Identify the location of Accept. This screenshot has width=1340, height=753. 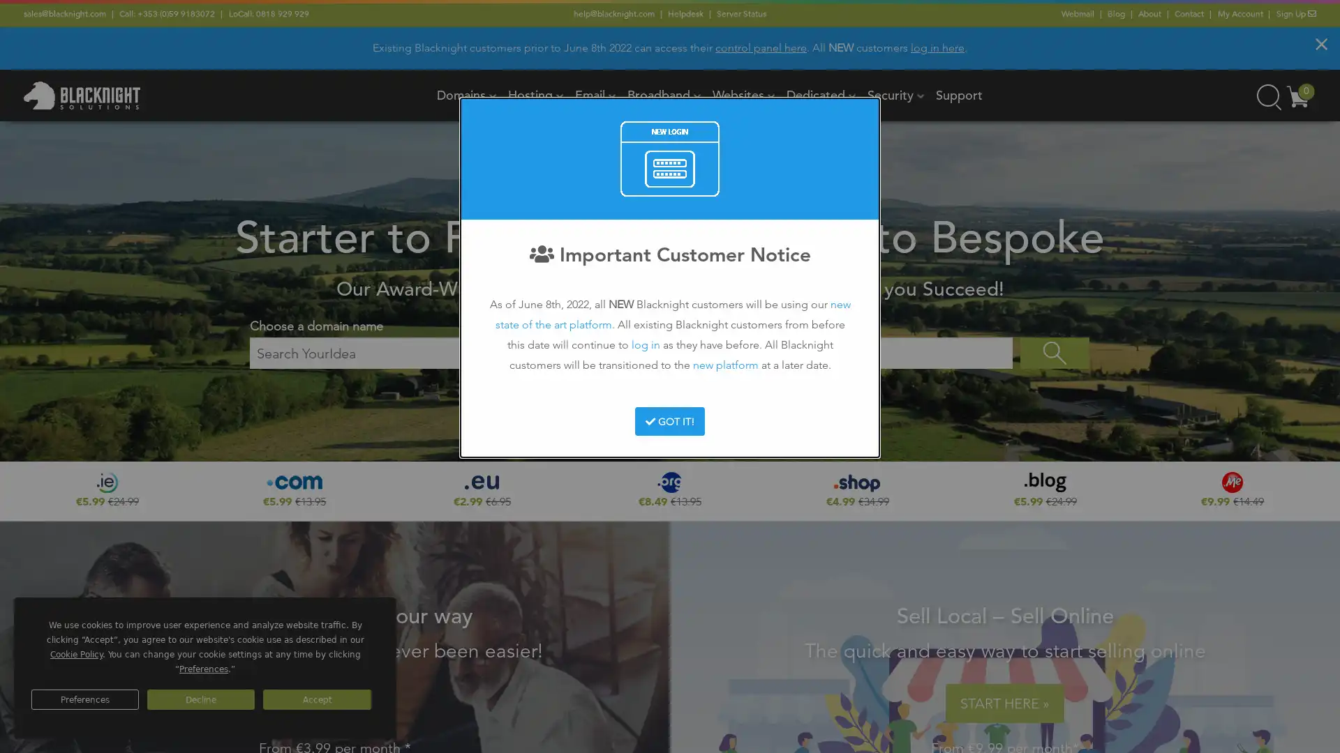
(316, 699).